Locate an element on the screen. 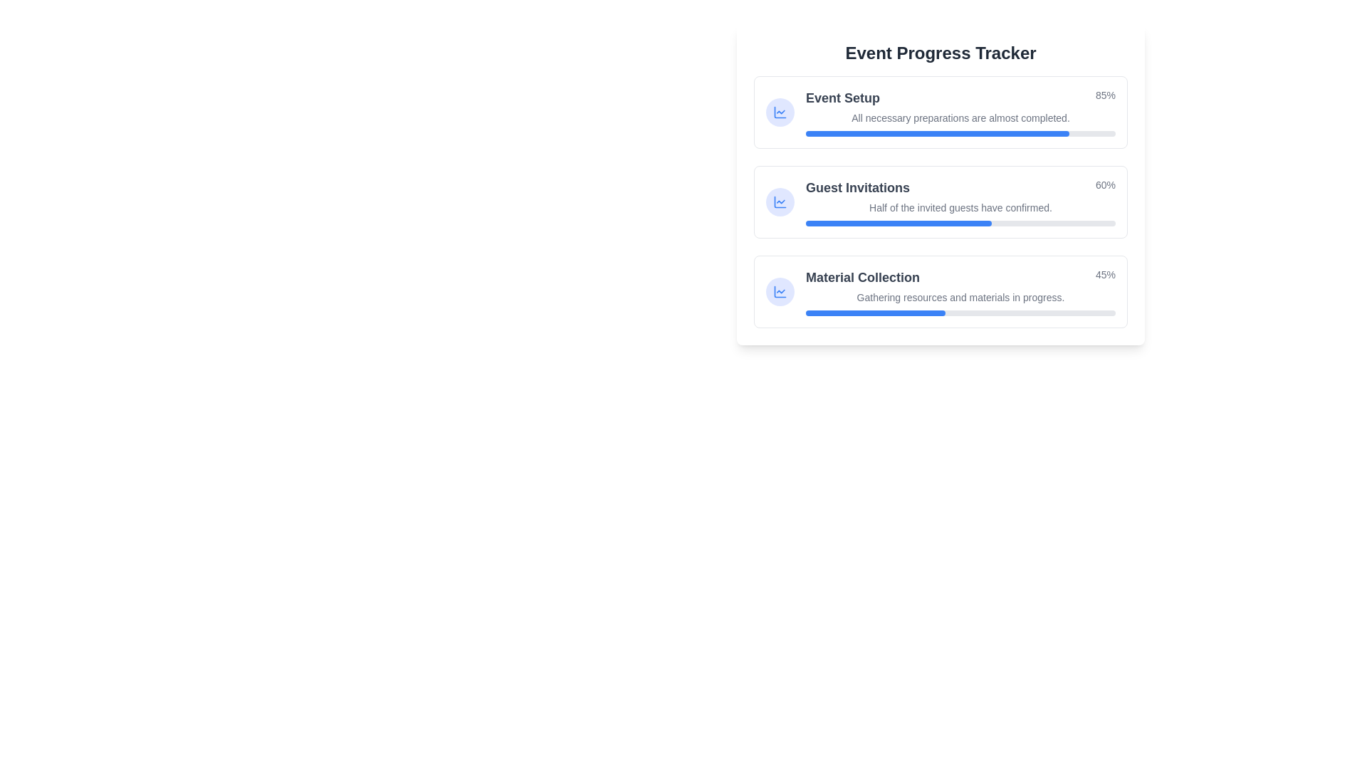 This screenshot has width=1367, height=769. the Progress Bar indicating 85% completion for the 'Event Setup' task, which is the third element in the 'Event Setup' card of the 'Event Progress Tracker' is located at coordinates (960, 134).